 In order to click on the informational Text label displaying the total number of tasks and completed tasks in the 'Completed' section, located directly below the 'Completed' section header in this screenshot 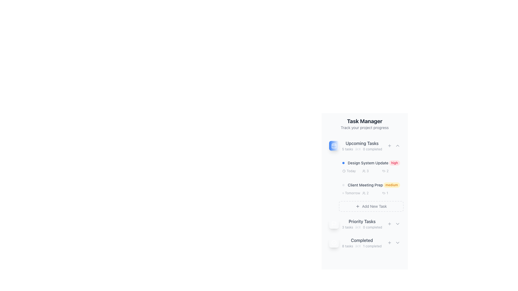, I will do `click(362, 246)`.